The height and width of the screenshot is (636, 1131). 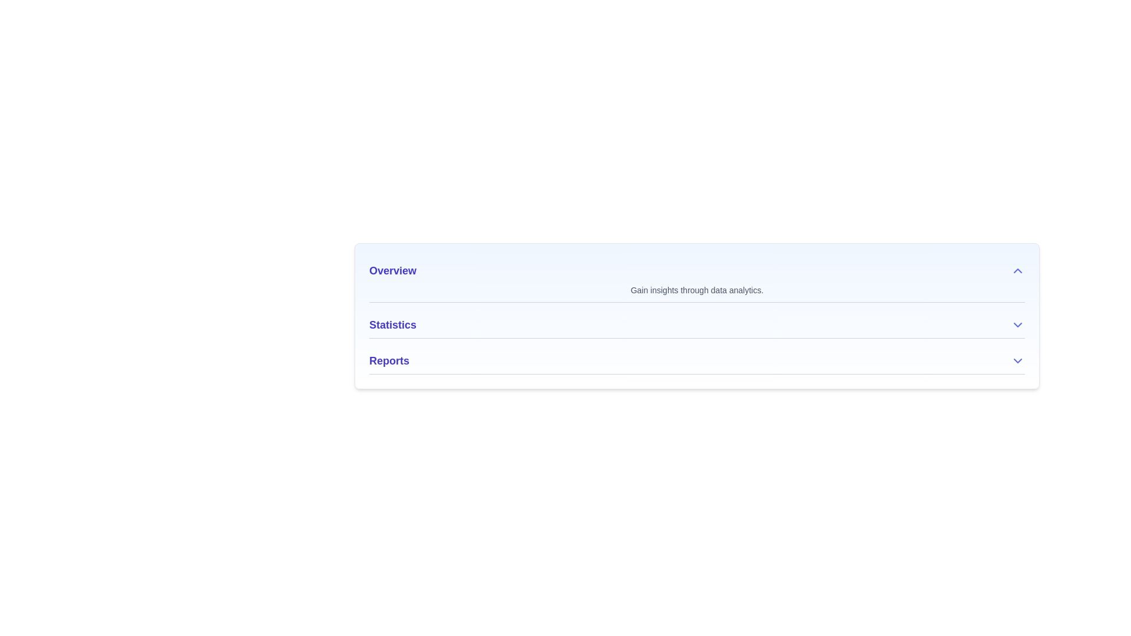 What do you see at coordinates (389, 360) in the screenshot?
I see `the bold, large-sized indigo-blue text label reading 'Reports'` at bounding box center [389, 360].